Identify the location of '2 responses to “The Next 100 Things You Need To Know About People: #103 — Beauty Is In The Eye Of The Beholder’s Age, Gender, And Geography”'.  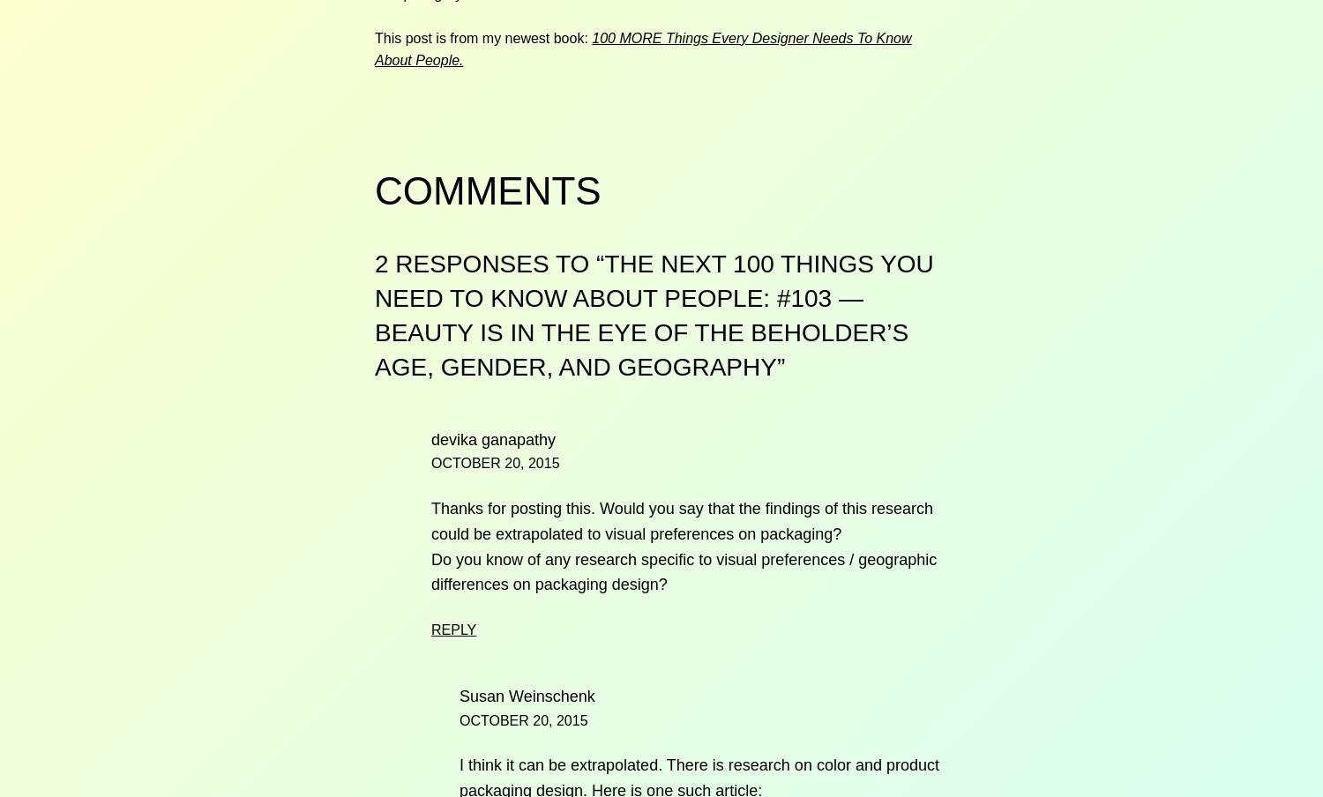
(653, 314).